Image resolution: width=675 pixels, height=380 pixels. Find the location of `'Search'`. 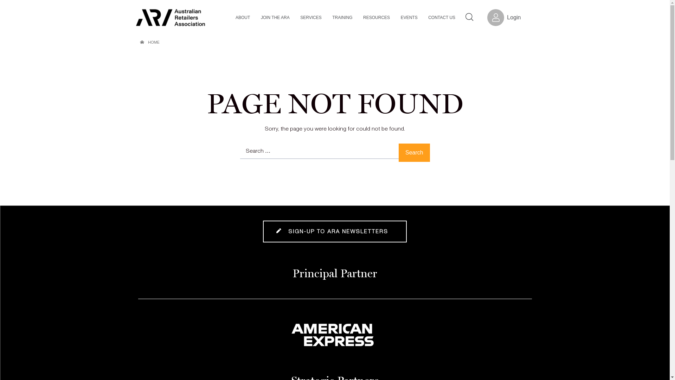

'Search' is located at coordinates (414, 152).